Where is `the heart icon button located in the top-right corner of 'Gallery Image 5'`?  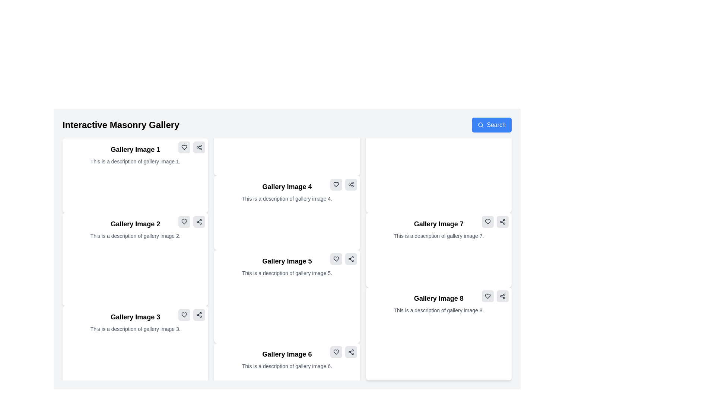 the heart icon button located in the top-right corner of 'Gallery Image 5' is located at coordinates (336, 258).